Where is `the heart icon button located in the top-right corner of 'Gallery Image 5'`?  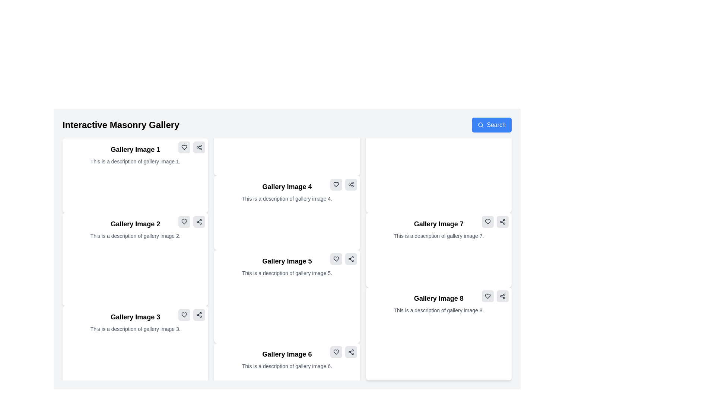 the heart icon button located in the top-right corner of 'Gallery Image 5' is located at coordinates (336, 258).